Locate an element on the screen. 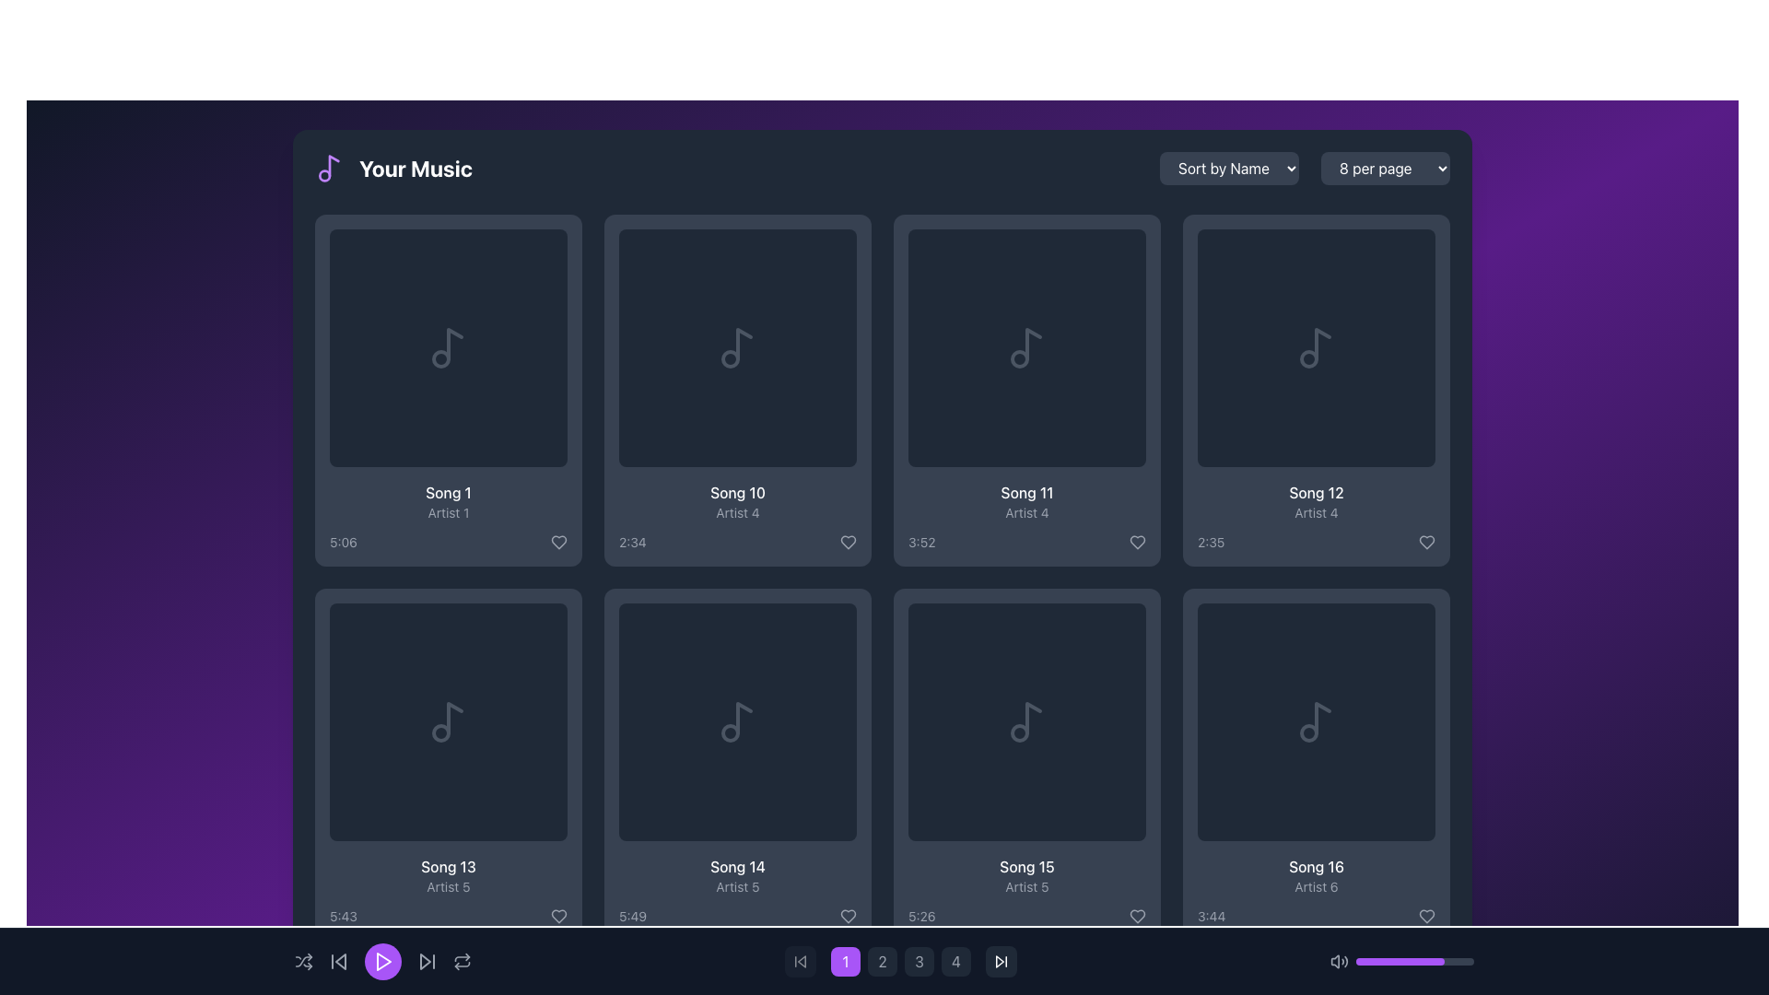 The height and width of the screenshot is (995, 1769). the favorite icon located in the bottom-right corner of the card for Song 16 by Artist 6 is located at coordinates (1426, 917).